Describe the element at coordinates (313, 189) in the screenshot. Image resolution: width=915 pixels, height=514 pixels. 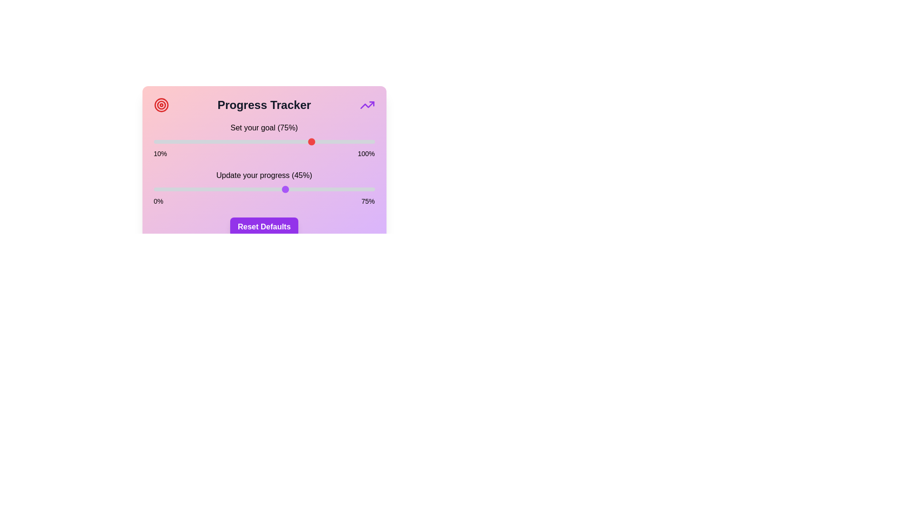
I see `the 'Update your progress' slider to set the progress to 54%` at that location.